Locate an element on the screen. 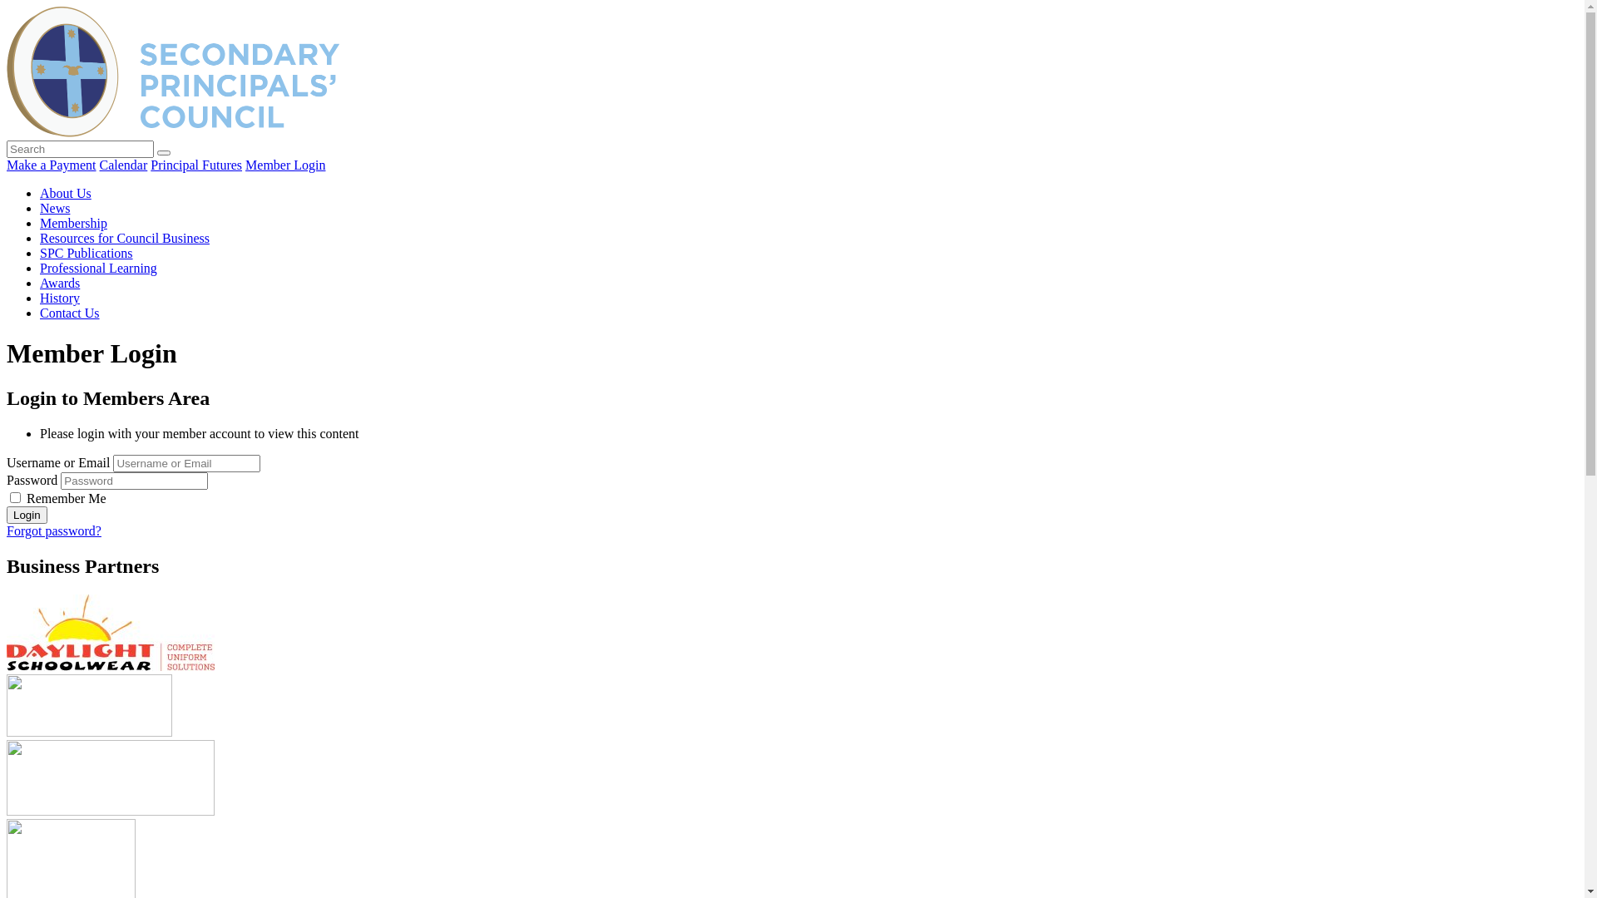  'Professional Learning' is located at coordinates (40, 267).